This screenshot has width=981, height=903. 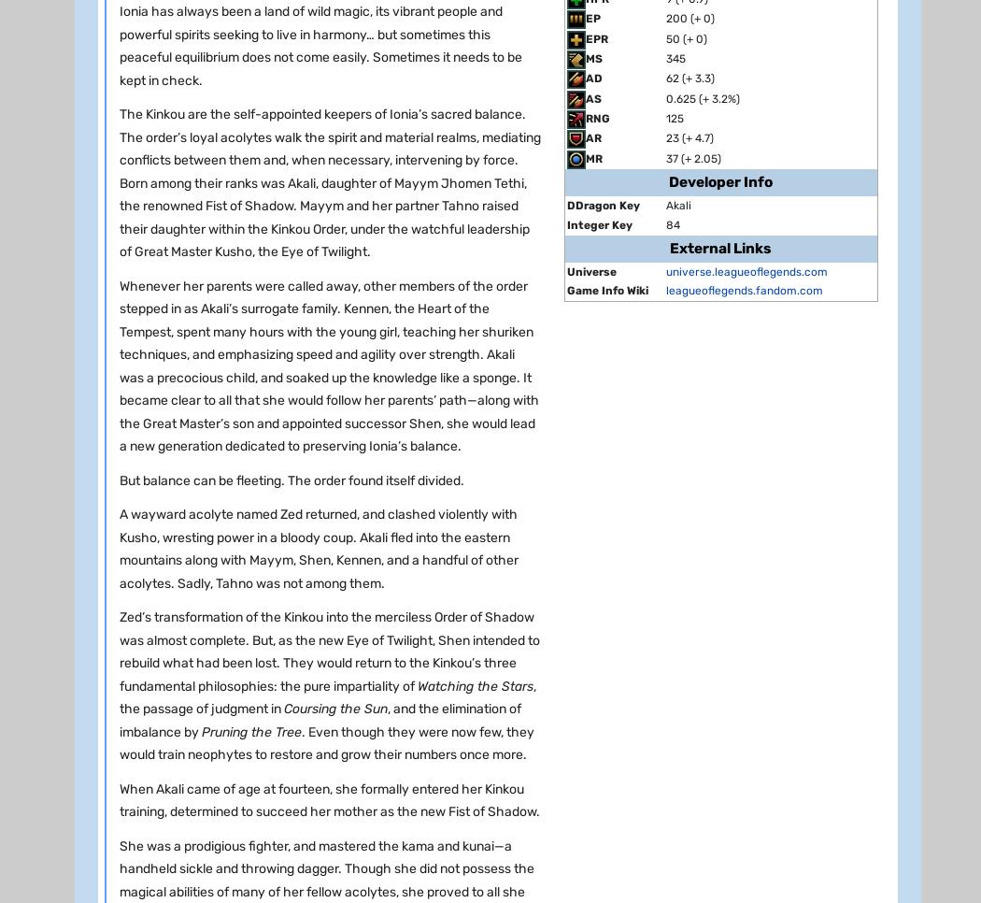 I want to click on '160/130/100', so click(x=261, y=890).